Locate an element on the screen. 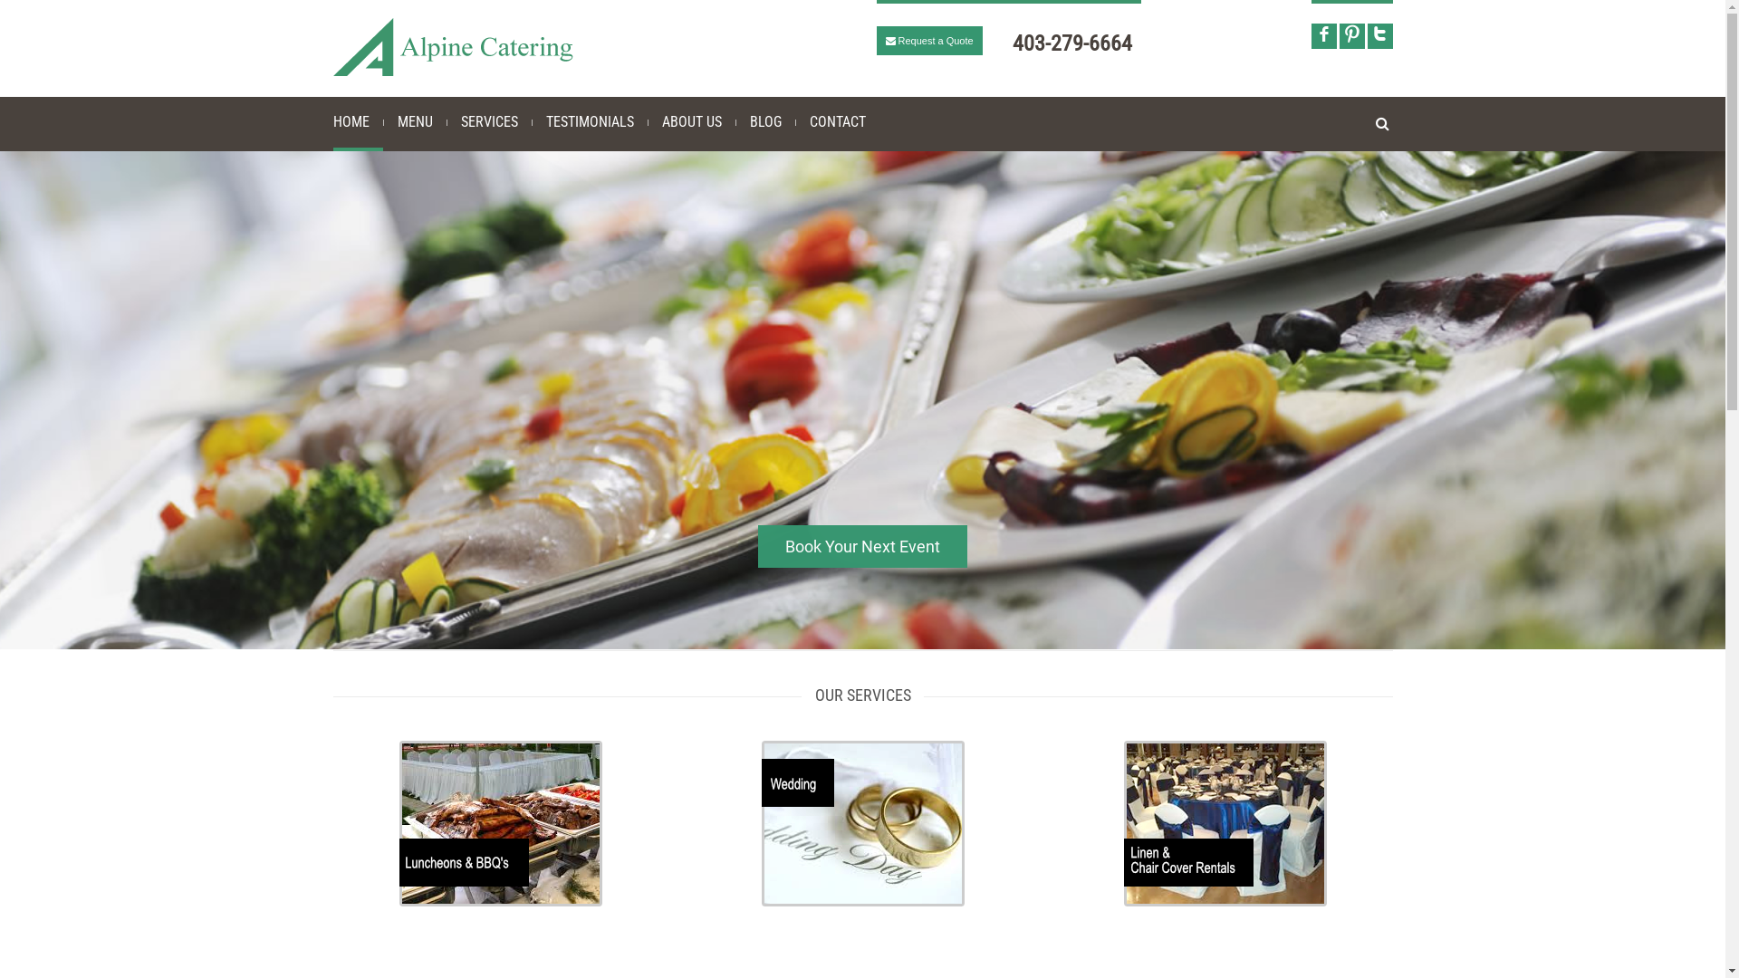 This screenshot has height=978, width=1739. 'Book Your Next Event' is located at coordinates (861, 545).